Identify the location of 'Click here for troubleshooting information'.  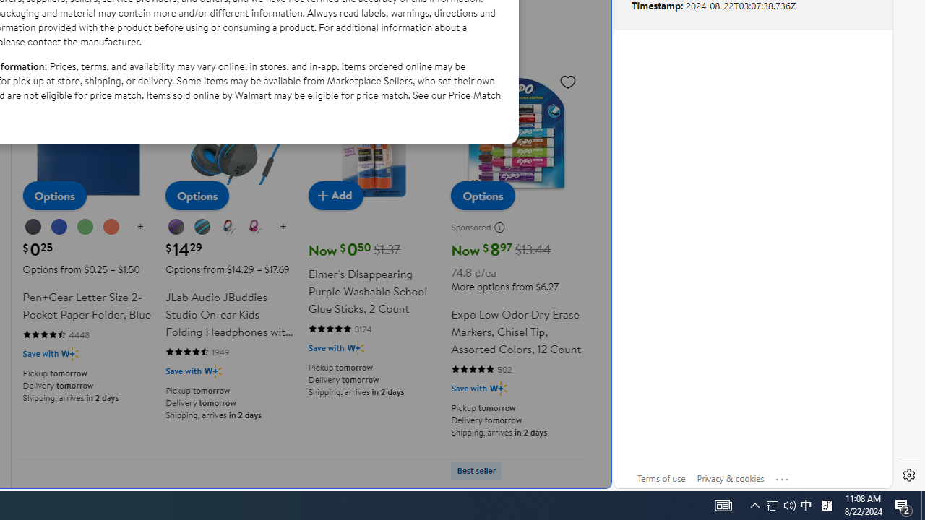
(782, 476).